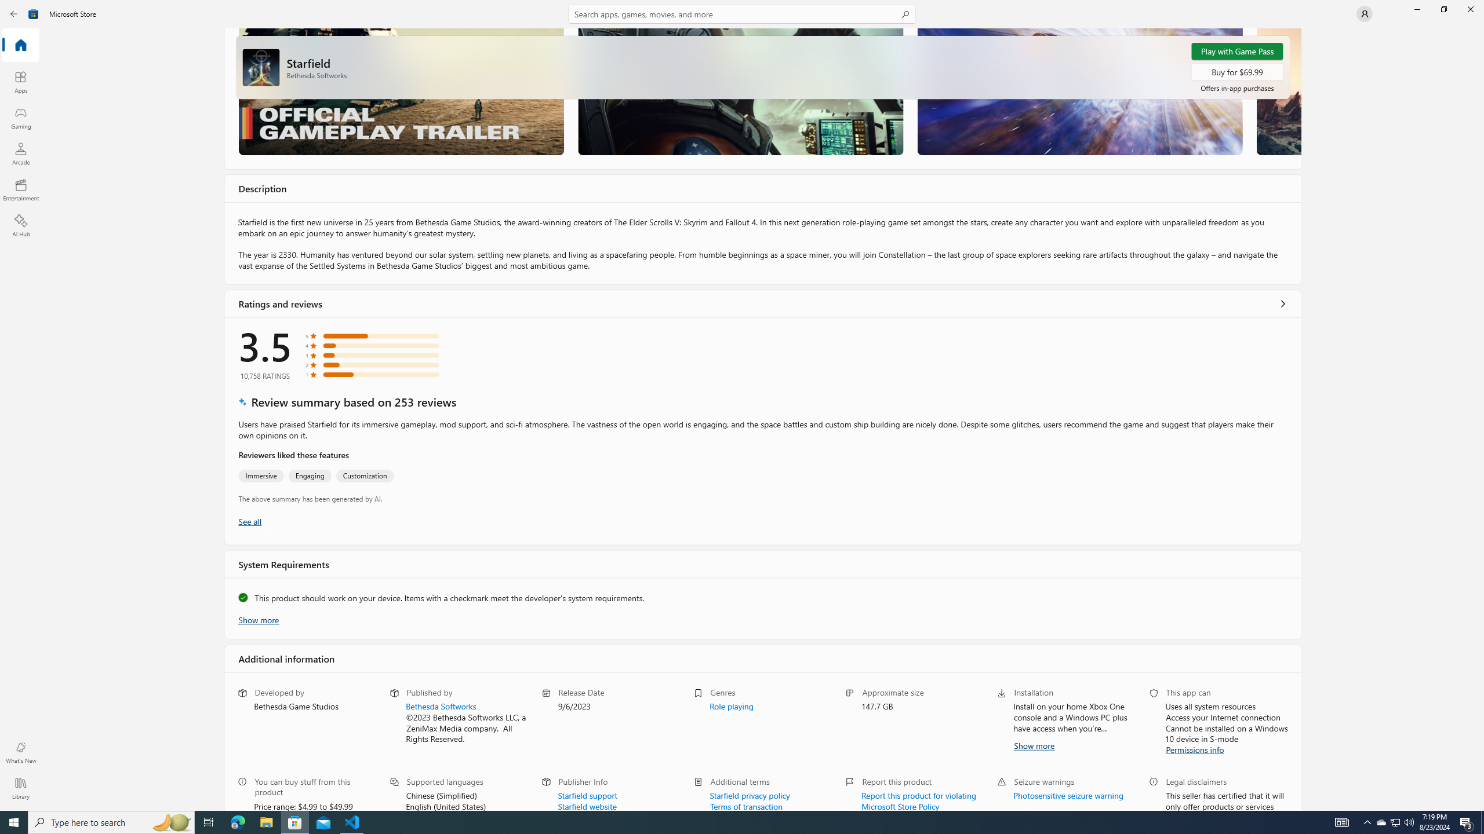 This screenshot has height=834, width=1484. I want to click on 'Starfield privacy policy', so click(749, 794).